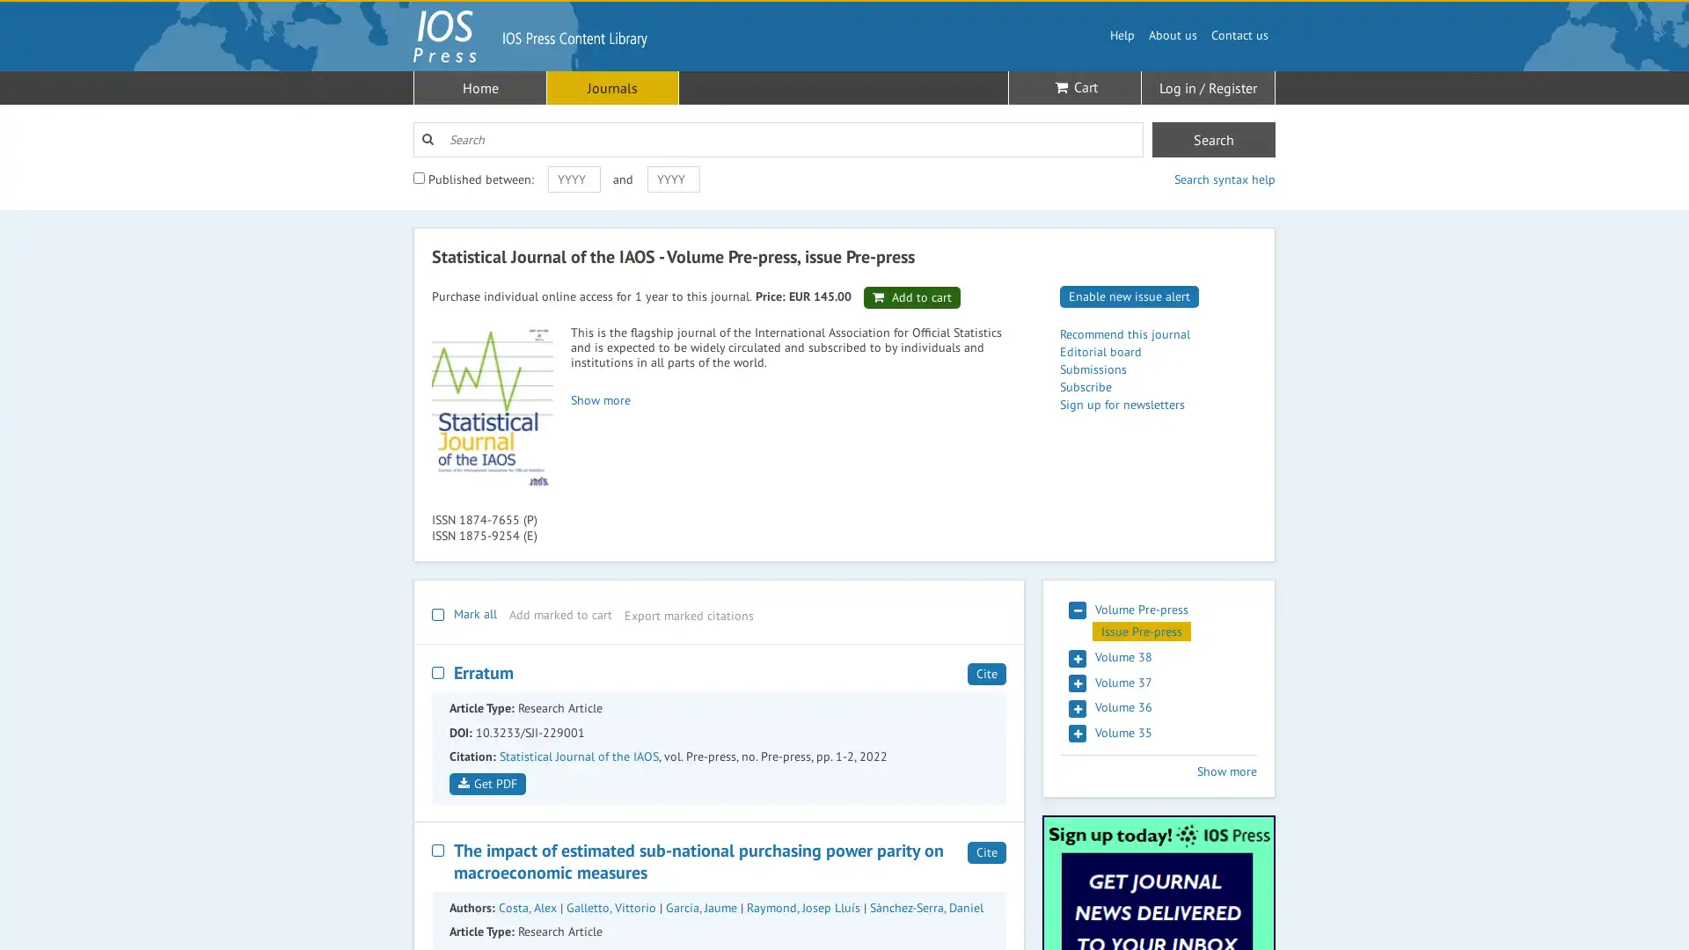  I want to click on Add marked to cart, so click(559, 614).